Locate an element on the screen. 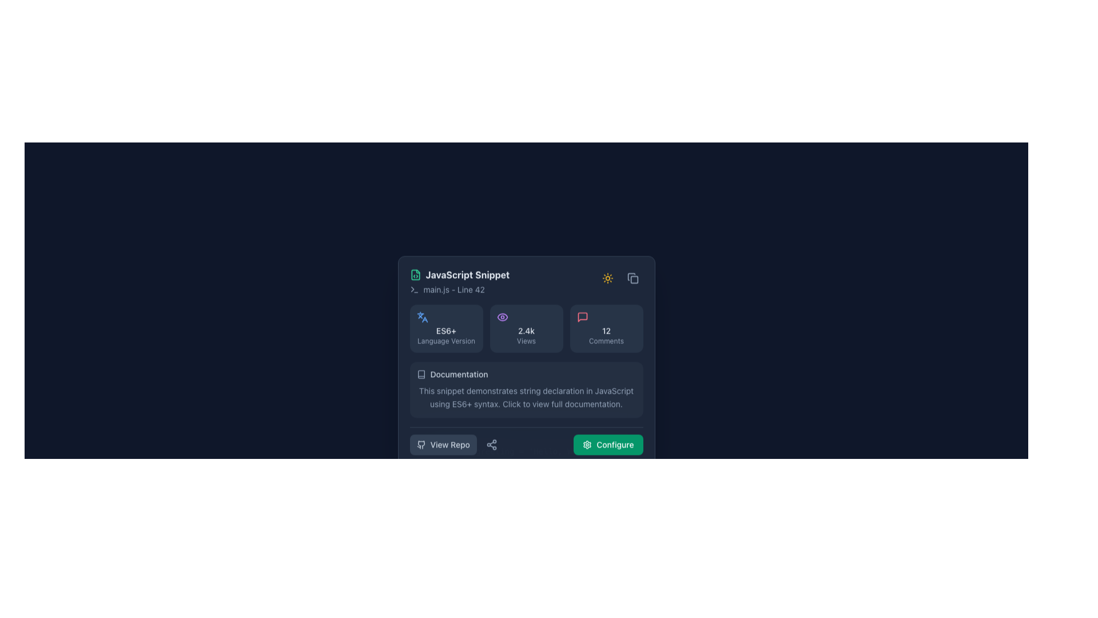  the text element displaying 'Language Version', which is styled in a small font size and light gray color, positioned directly below the 'ES6+' label is located at coordinates (445, 340).